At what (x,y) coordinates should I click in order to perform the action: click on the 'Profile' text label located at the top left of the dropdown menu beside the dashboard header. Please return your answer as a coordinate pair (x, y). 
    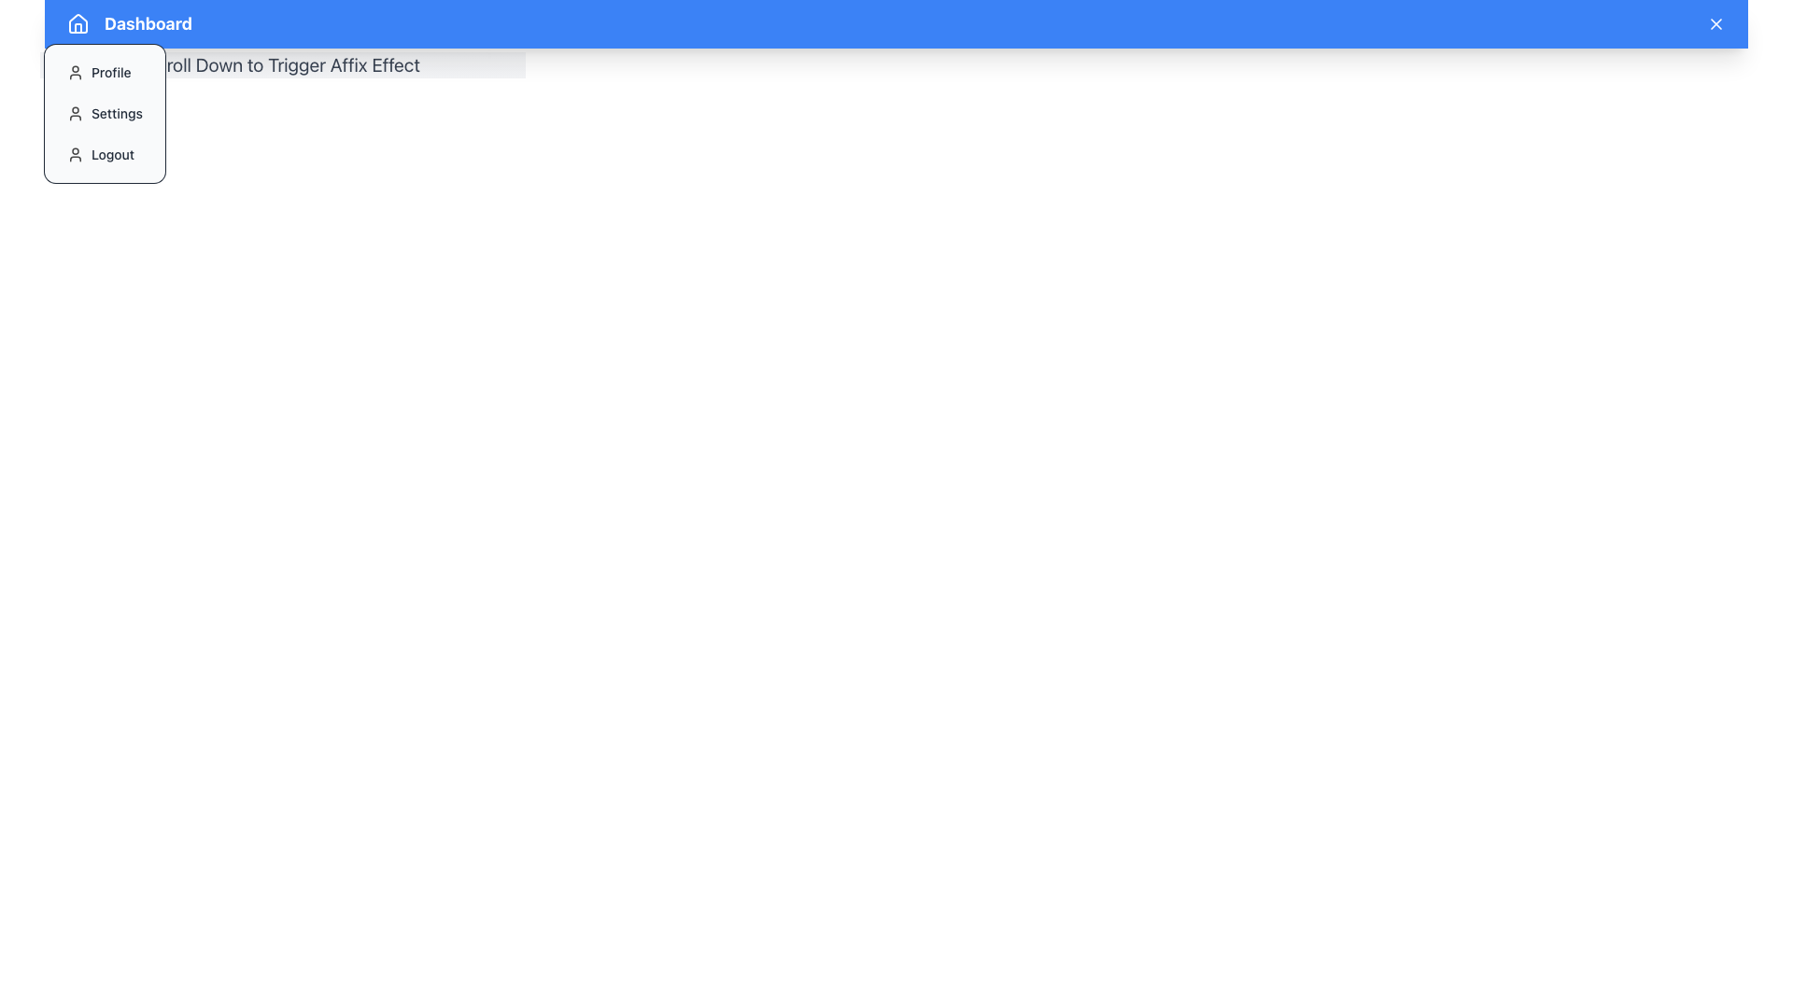
    Looking at the image, I should click on (110, 71).